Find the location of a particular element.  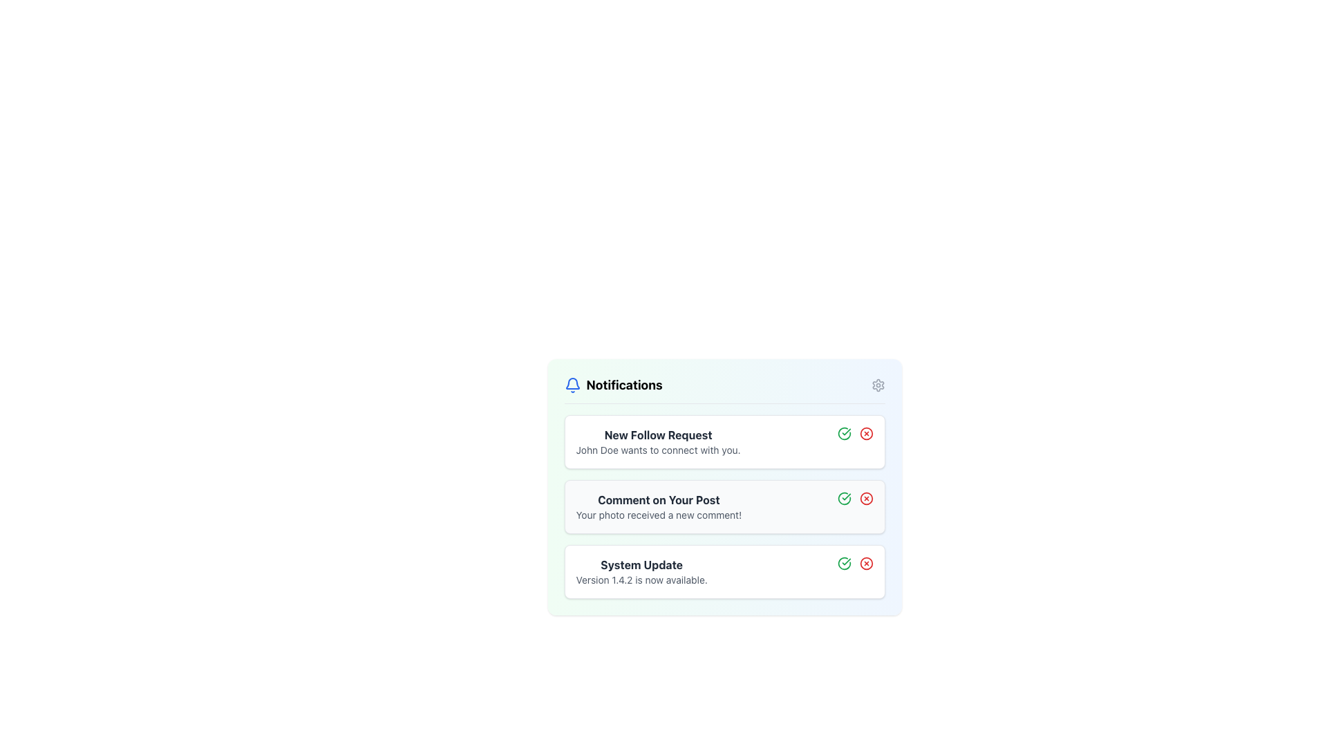

the gear-shaped settings icon located at the top-right corner of the 'Notifications' section is located at coordinates (877, 385).